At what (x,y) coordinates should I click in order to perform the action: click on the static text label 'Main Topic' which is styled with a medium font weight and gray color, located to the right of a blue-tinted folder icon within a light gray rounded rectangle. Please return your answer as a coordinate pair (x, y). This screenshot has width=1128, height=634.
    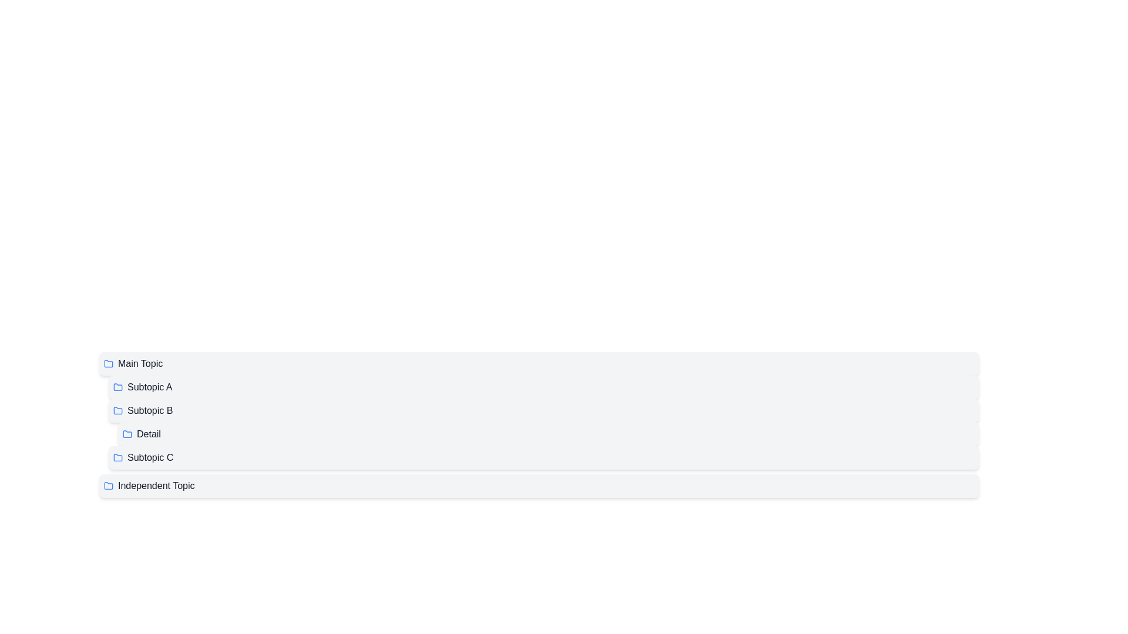
    Looking at the image, I should click on (140, 363).